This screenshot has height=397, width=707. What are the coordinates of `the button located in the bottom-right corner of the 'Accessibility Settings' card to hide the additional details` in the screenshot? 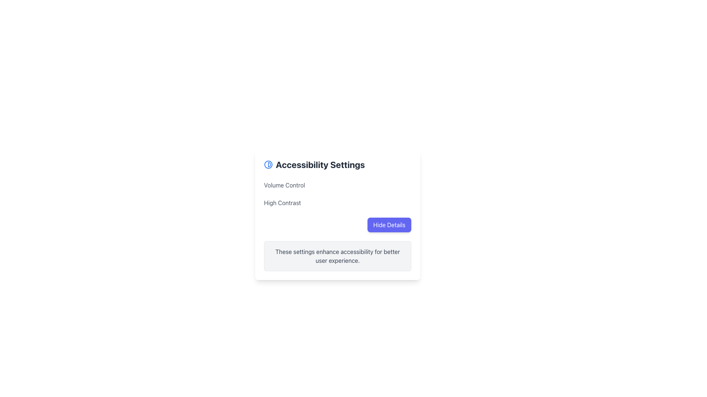 It's located at (389, 225).